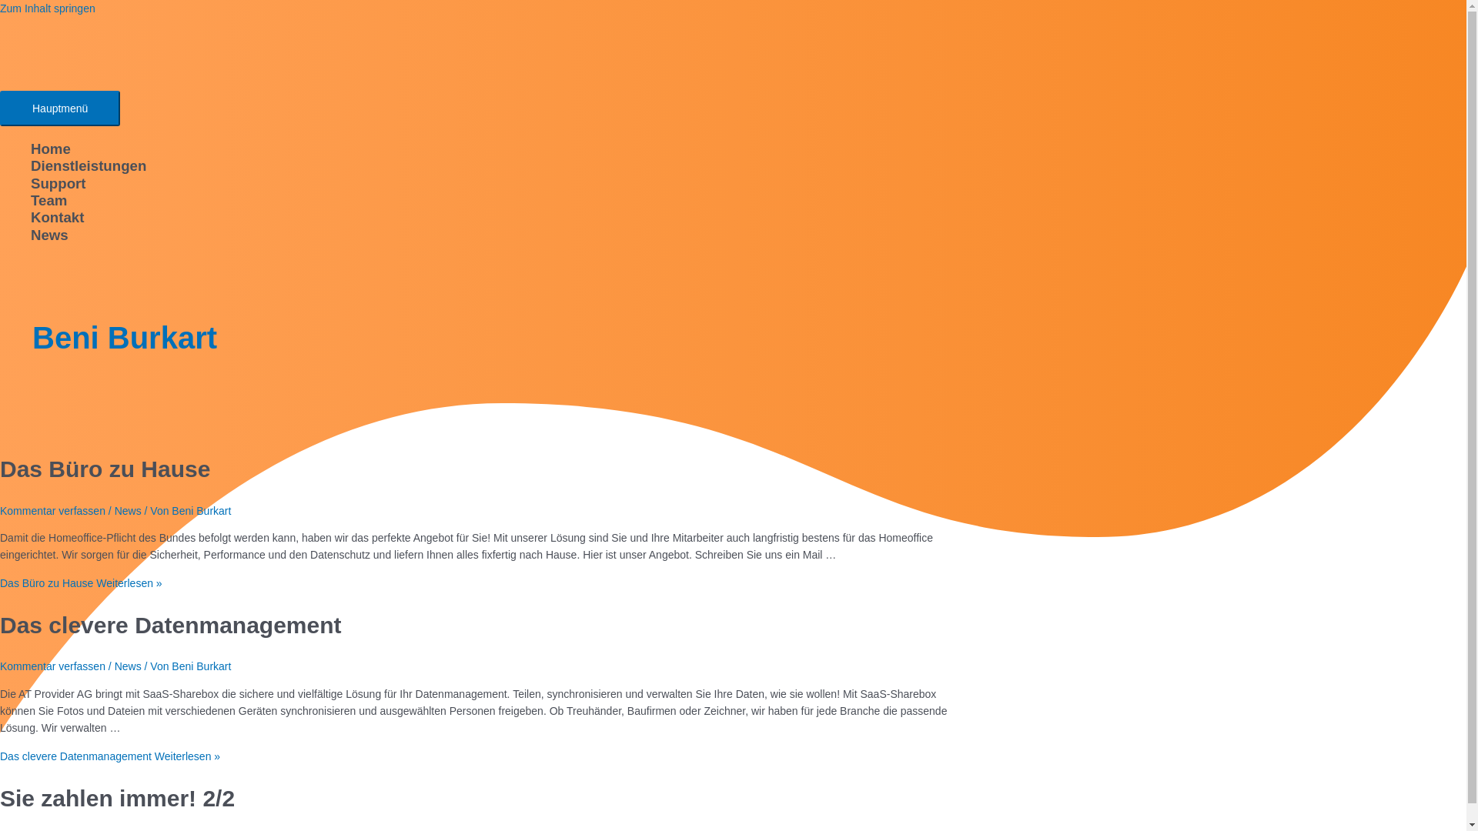 The height and width of the screenshot is (831, 1478). Describe the element at coordinates (52, 510) in the screenshot. I see `'Kommentar verfassen'` at that location.